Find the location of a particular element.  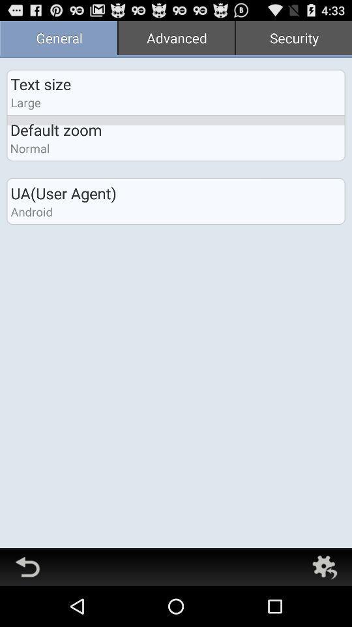

the undo icon is located at coordinates (27, 607).